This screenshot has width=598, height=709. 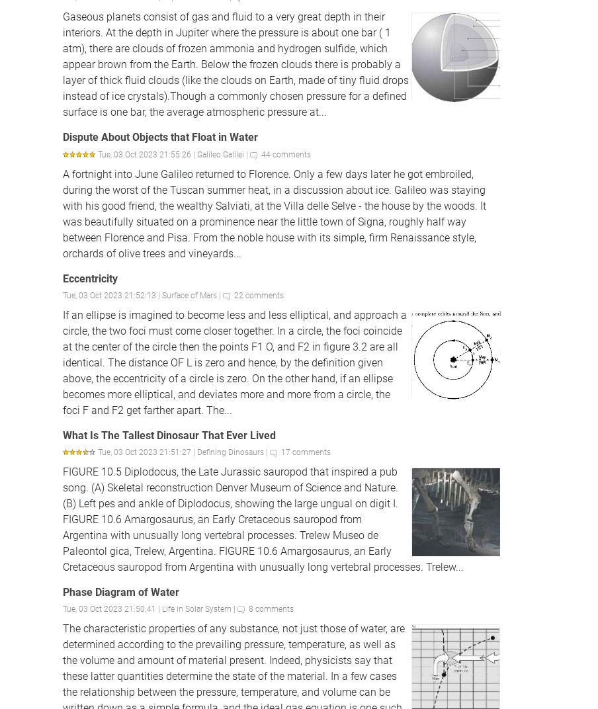 I want to click on 'Phase Diagram of Water', so click(x=120, y=591).